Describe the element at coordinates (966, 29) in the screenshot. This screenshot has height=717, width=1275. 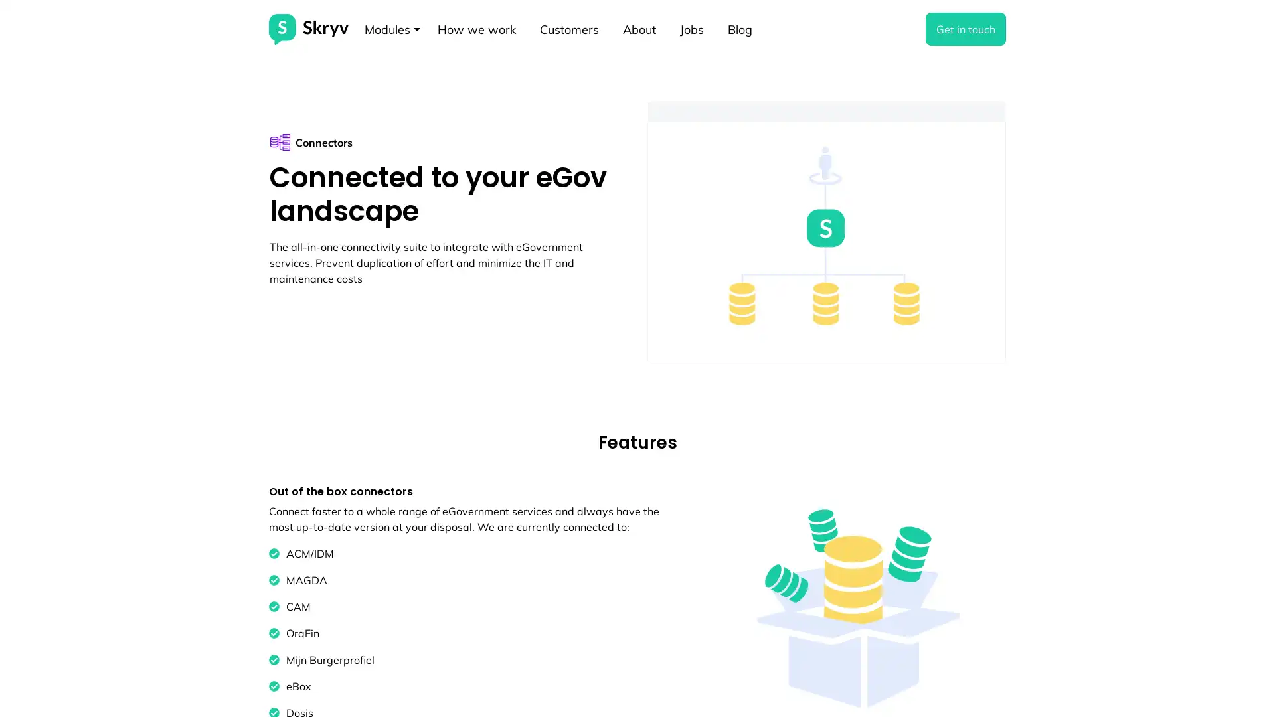
I see `Get in touch` at that location.